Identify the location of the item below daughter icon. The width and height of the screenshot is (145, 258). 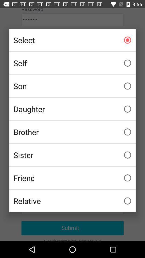
(73, 132).